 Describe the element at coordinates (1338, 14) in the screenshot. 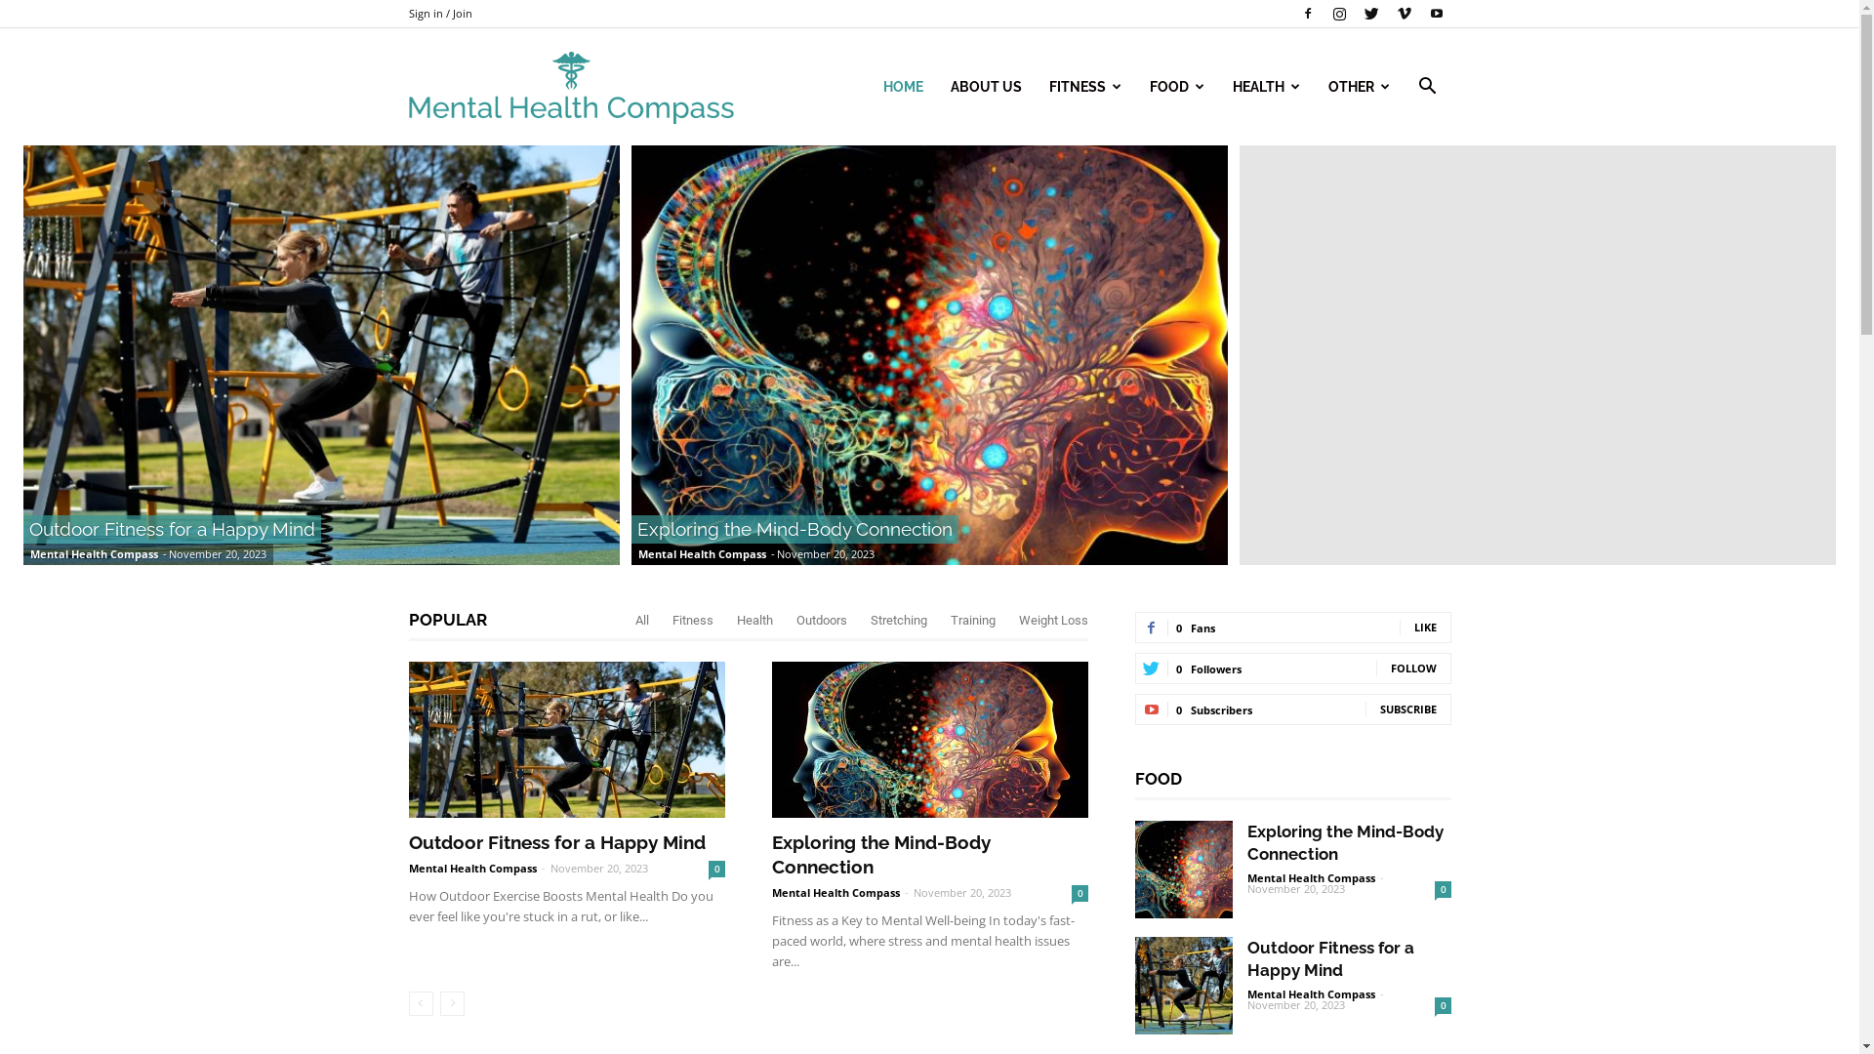

I see `'Instagram'` at that location.